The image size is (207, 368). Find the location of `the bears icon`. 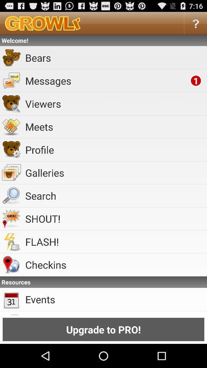

the bears icon is located at coordinates (114, 57).